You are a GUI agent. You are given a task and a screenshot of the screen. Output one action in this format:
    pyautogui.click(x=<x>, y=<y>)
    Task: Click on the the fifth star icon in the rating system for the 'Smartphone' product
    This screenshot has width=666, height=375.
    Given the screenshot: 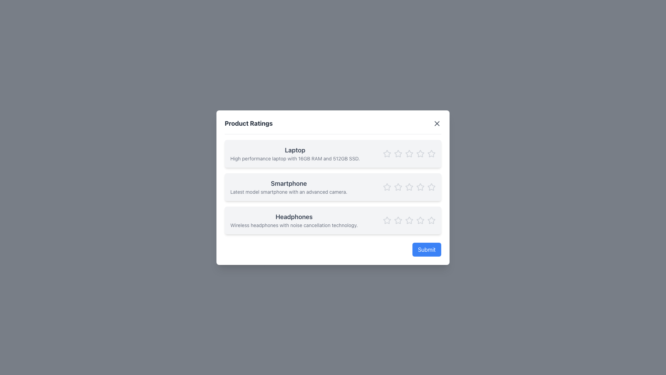 What is the action you would take?
    pyautogui.click(x=431, y=186)
    